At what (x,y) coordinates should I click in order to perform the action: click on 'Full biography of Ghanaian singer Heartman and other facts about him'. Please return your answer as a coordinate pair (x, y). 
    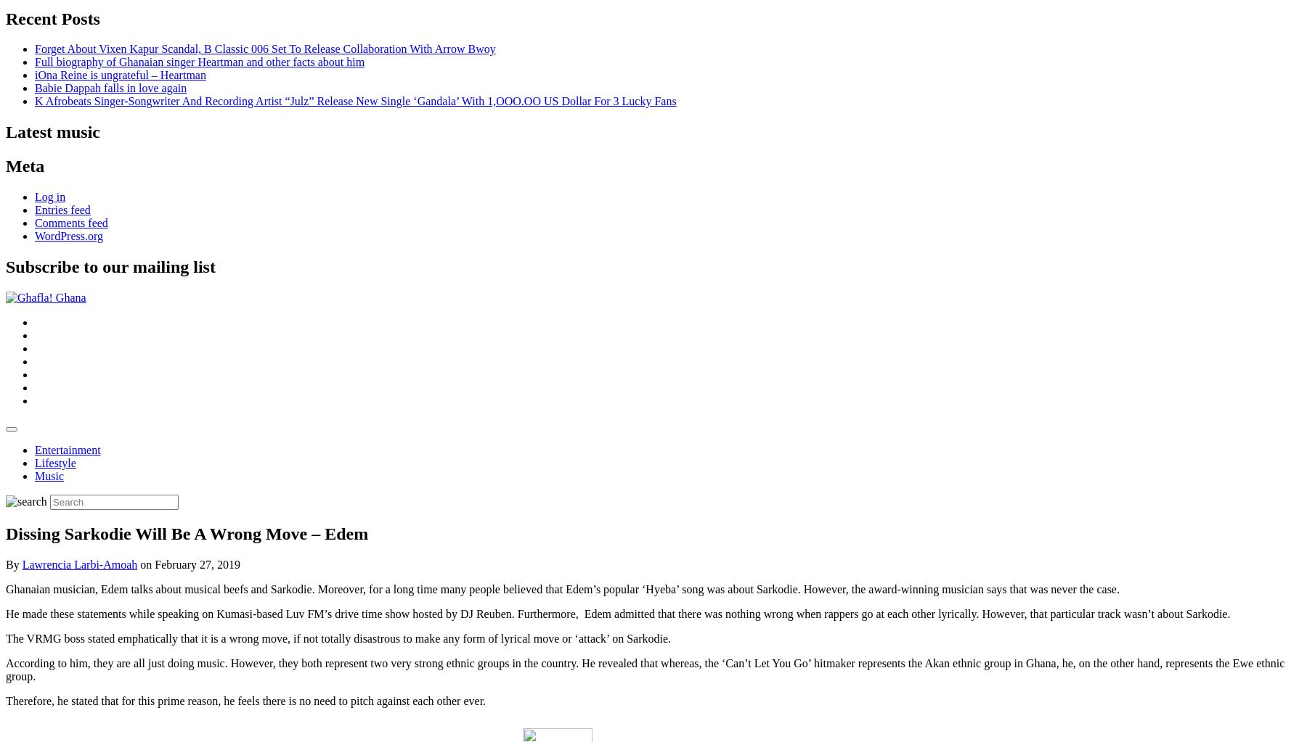
    Looking at the image, I should click on (199, 62).